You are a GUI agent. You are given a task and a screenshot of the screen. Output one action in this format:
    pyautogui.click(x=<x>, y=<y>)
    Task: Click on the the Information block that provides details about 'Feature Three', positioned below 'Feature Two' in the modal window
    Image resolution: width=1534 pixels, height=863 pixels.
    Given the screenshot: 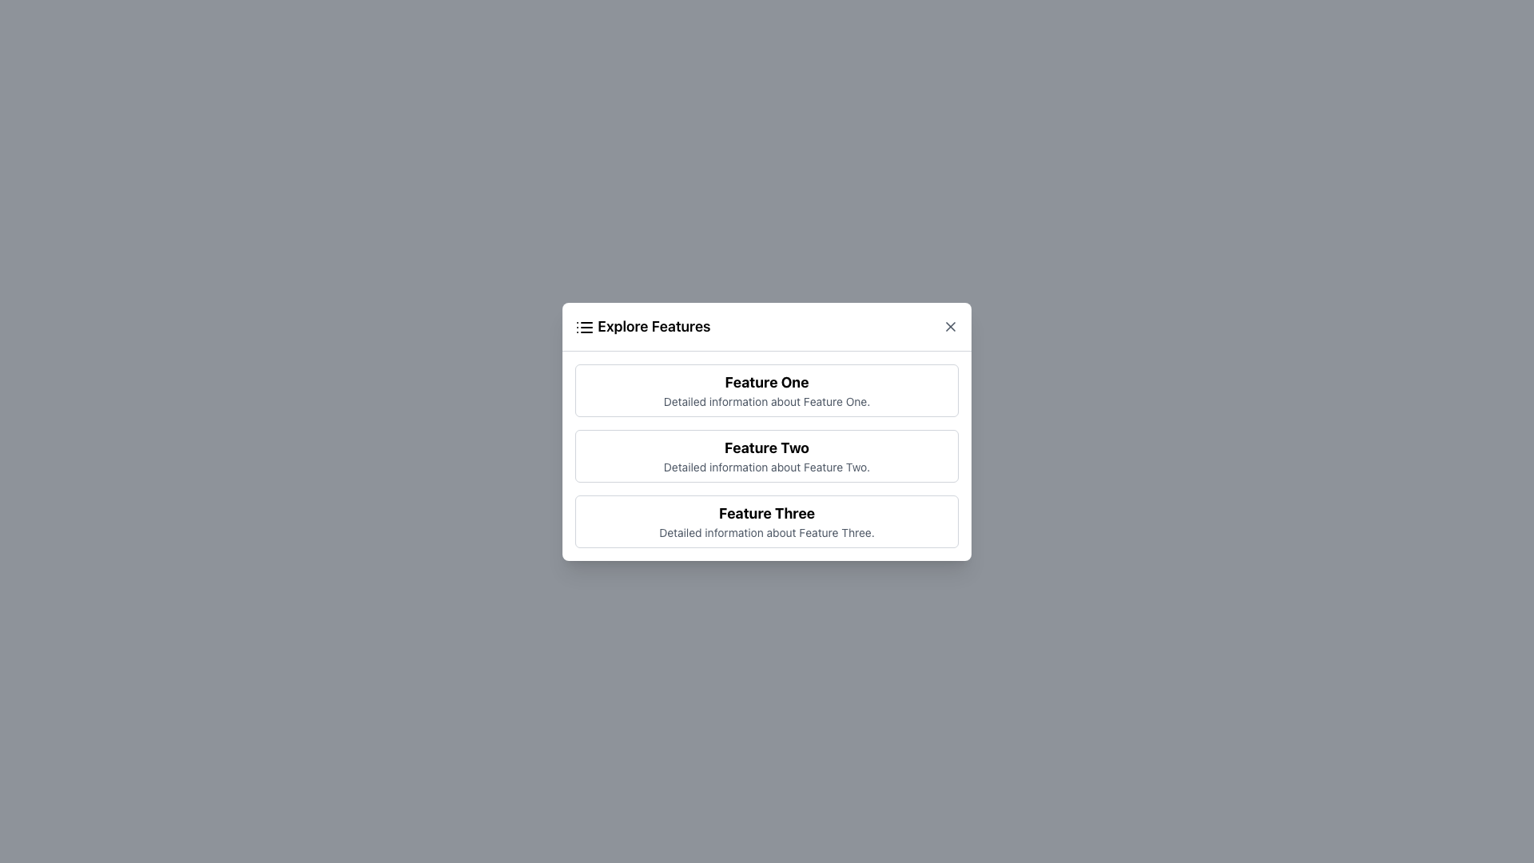 What is the action you would take?
    pyautogui.click(x=767, y=521)
    